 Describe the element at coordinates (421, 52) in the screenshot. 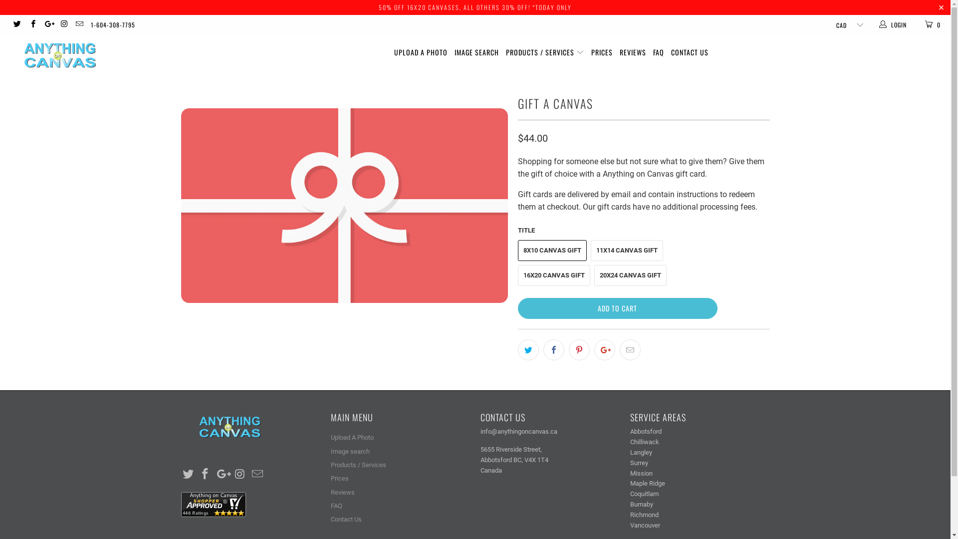

I see `'UPLOAD A PHOTO'` at that location.